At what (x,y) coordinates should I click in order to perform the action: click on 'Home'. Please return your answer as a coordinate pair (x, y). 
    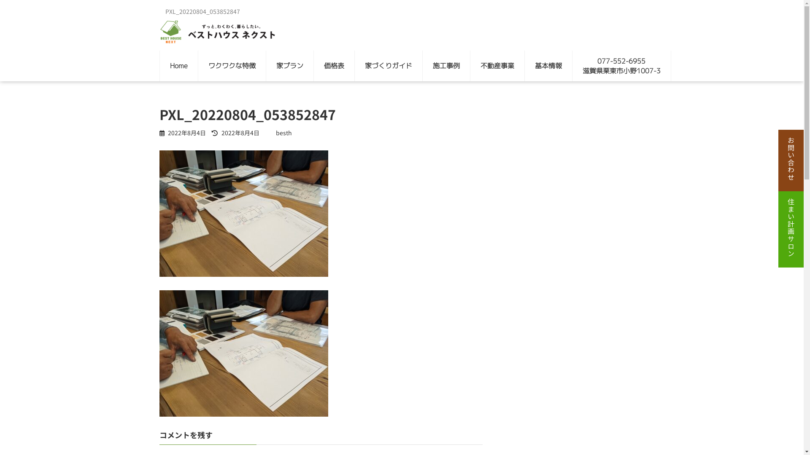
    Looking at the image, I should click on (178, 65).